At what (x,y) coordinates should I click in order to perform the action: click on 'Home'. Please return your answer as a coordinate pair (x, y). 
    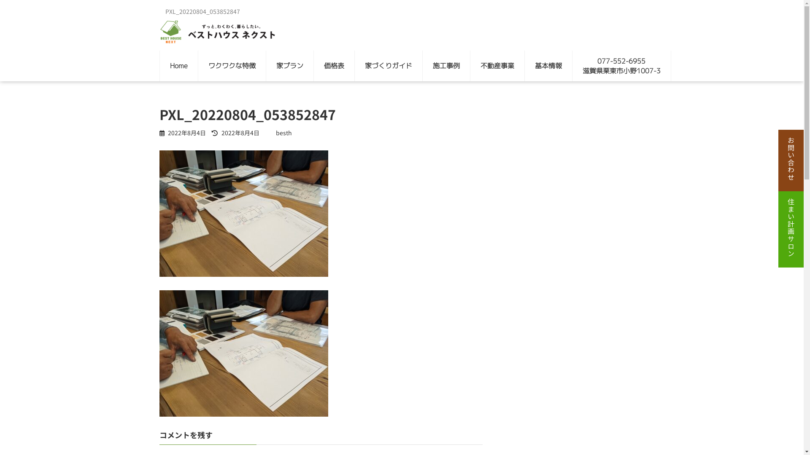
    Looking at the image, I should click on (178, 65).